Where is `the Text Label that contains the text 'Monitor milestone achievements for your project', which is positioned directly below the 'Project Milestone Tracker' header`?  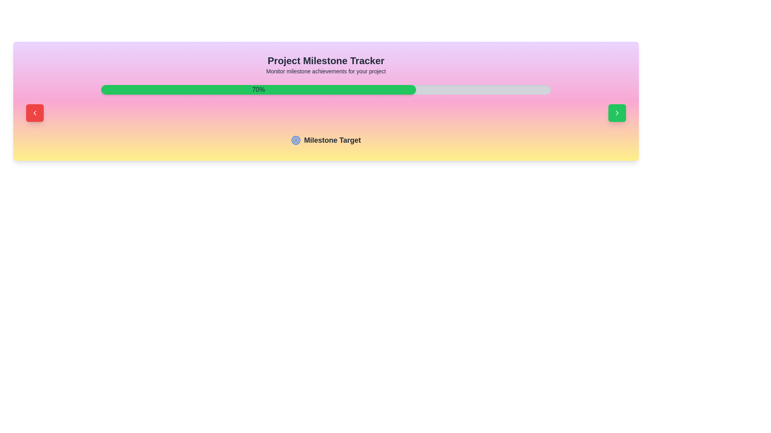 the Text Label that contains the text 'Monitor milestone achievements for your project', which is positioned directly below the 'Project Milestone Tracker' header is located at coordinates (326, 71).